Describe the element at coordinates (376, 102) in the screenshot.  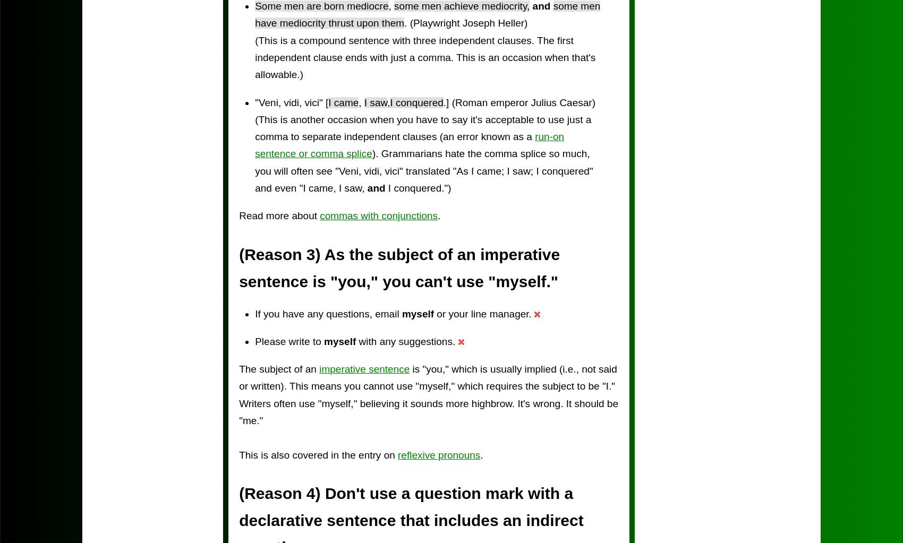
I see `'I saw'` at that location.